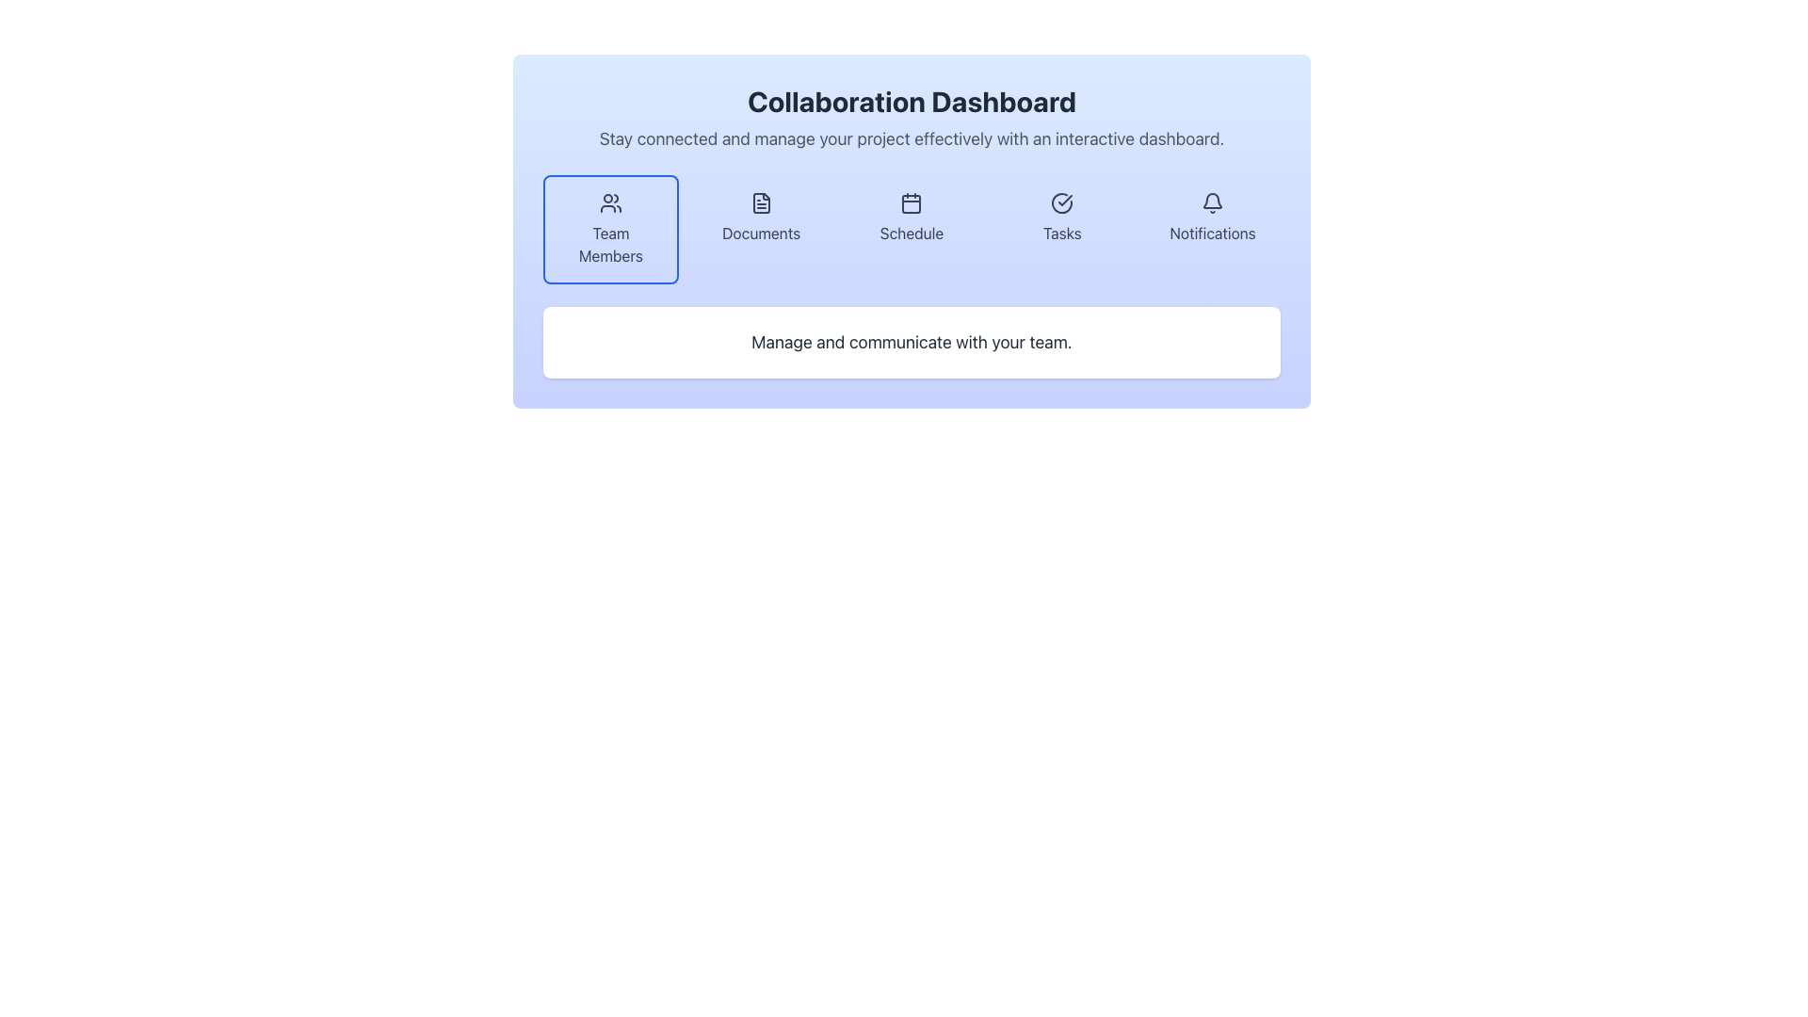 This screenshot has width=1808, height=1017. What do you see at coordinates (912, 102) in the screenshot?
I see `the main heading text of the dashboard interface, which provides an overview of the section` at bounding box center [912, 102].